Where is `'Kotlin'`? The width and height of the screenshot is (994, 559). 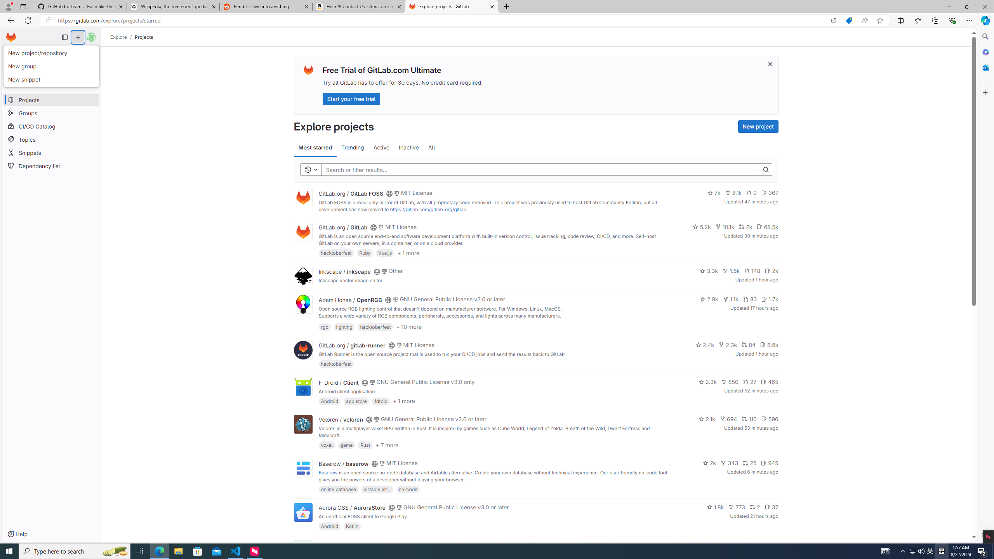
'Kotlin' is located at coordinates (352, 526).